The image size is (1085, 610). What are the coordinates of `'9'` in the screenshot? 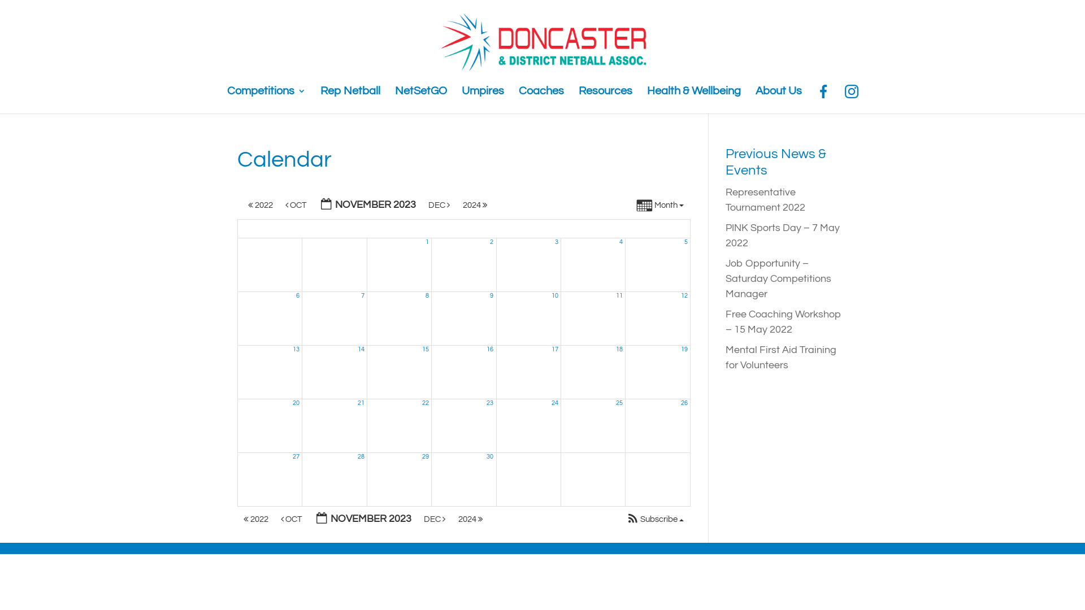 It's located at (490, 295).